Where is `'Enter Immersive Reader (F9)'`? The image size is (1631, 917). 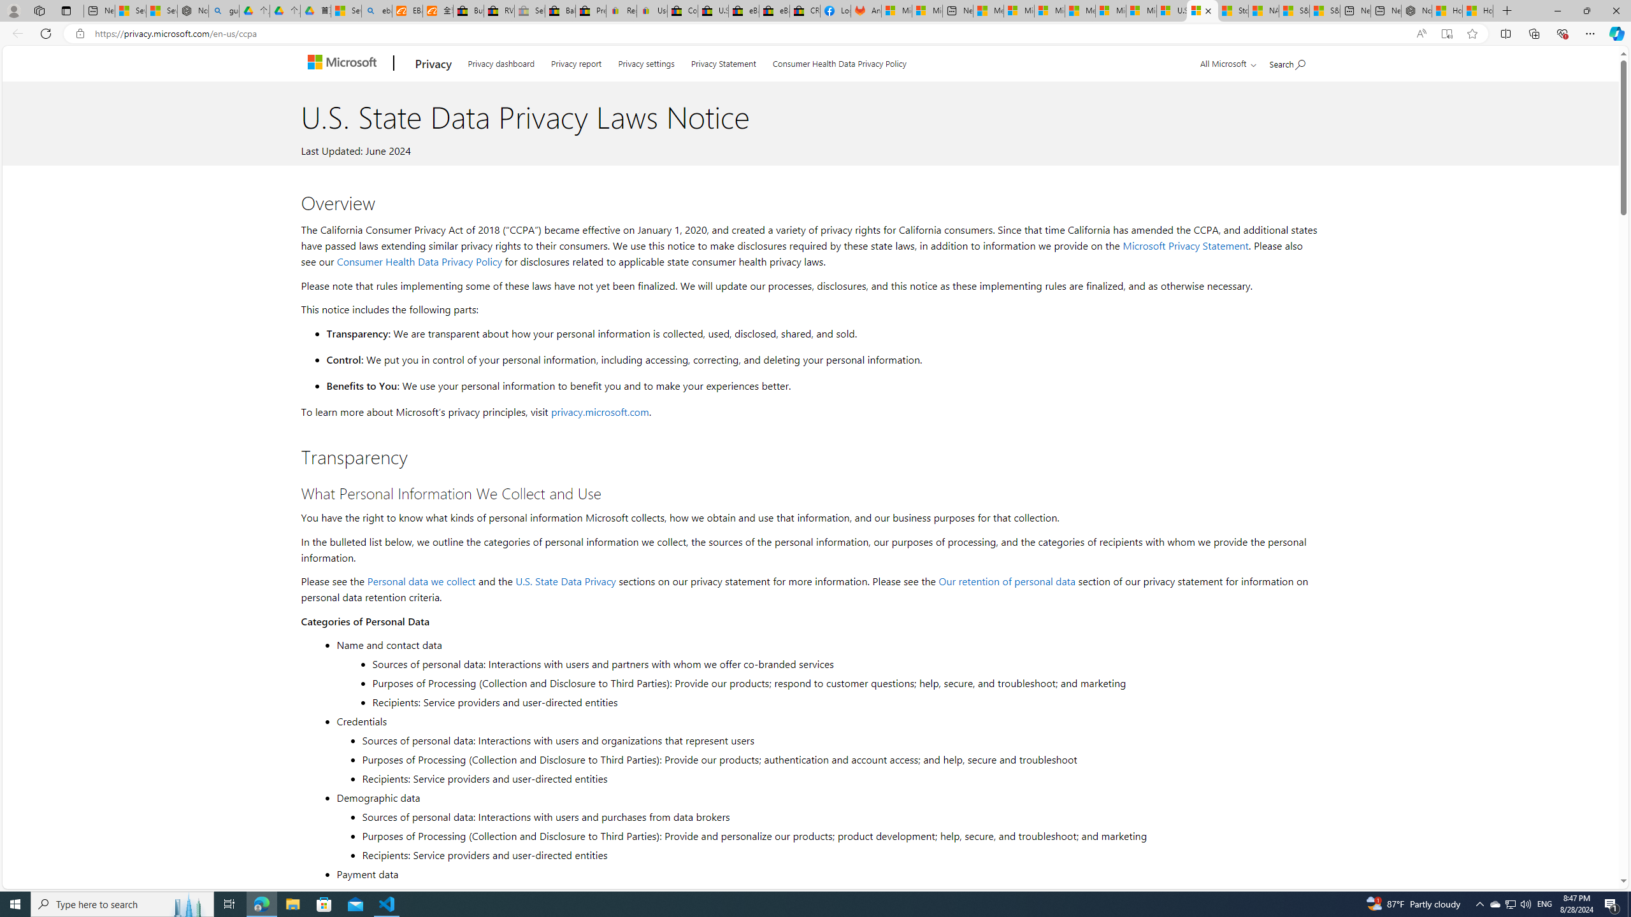 'Enter Immersive Reader (F9)' is located at coordinates (1446, 34).